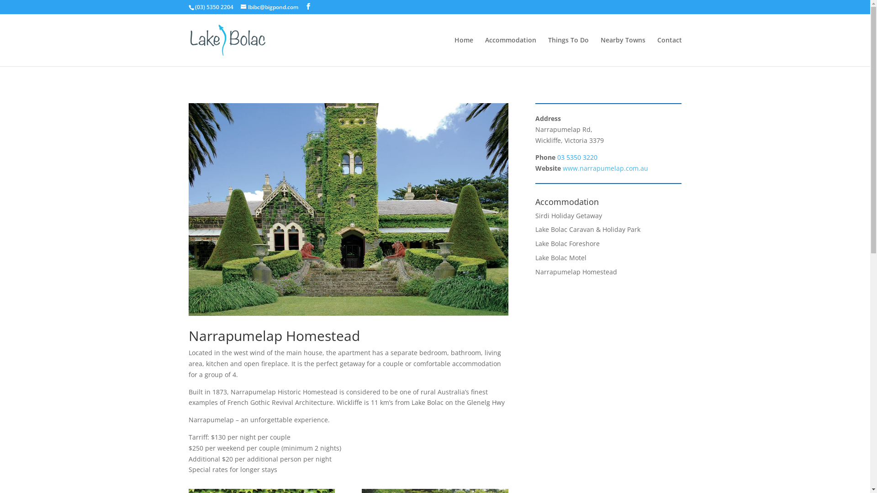 This screenshot has height=493, width=877. Describe the element at coordinates (576, 157) in the screenshot. I see `'03 5350 3220'` at that location.